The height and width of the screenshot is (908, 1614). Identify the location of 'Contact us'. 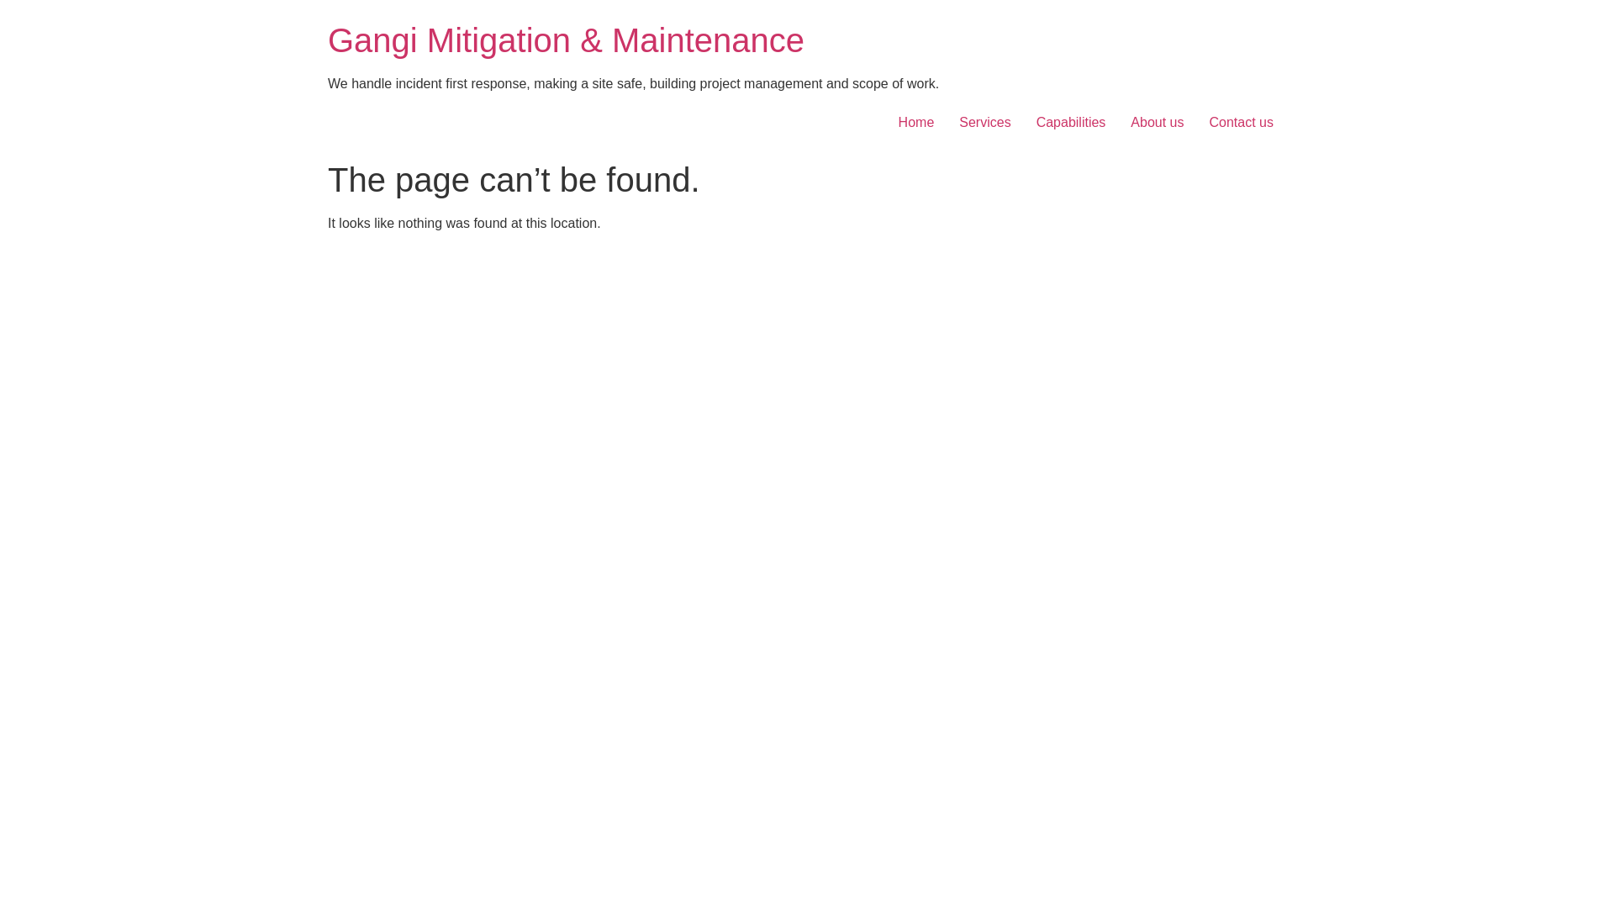
(1242, 122).